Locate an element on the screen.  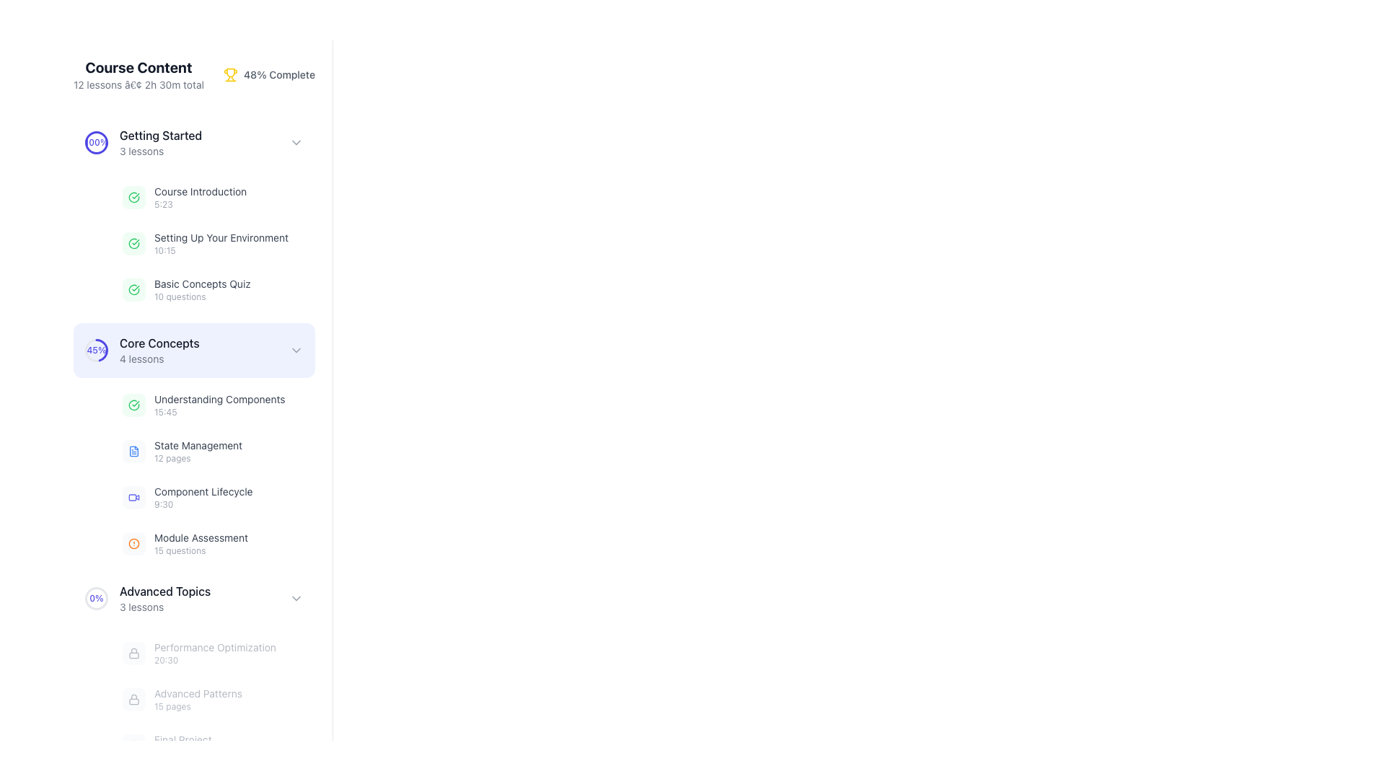
the 'Basic Concepts Quiz' textual display located to the right of the green checkmark icon in the 'Getting Started' section of the 'Course Content' sidebar is located at coordinates (201, 289).